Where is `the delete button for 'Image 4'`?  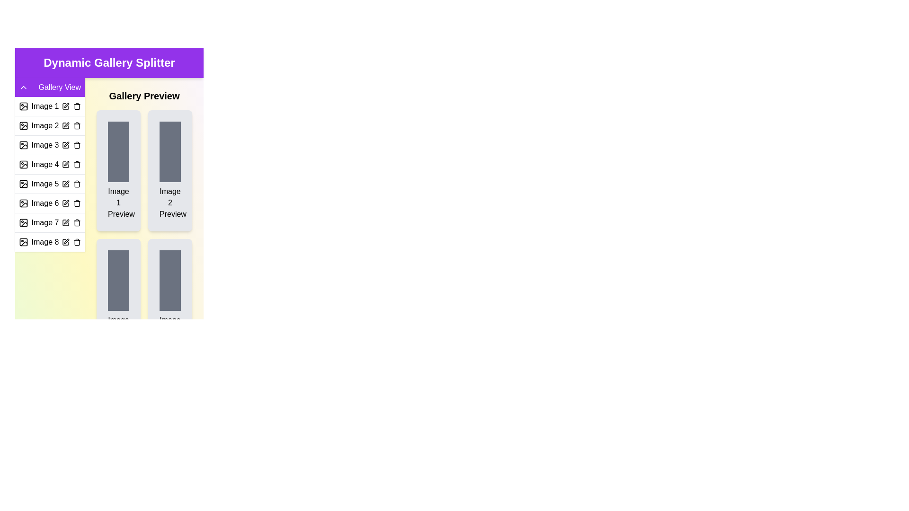
the delete button for 'Image 4' is located at coordinates (77, 164).